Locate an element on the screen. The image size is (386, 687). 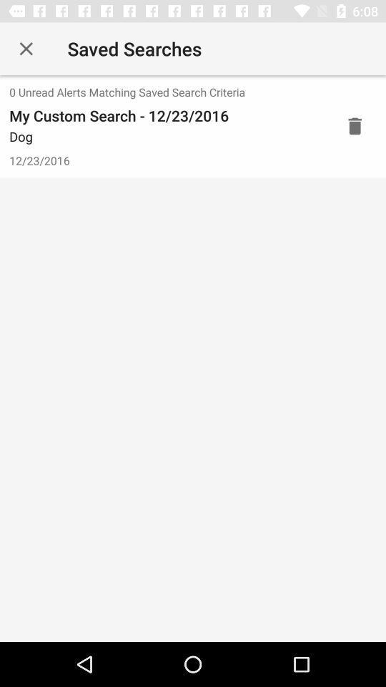
the item next to my custom search is located at coordinates (354, 125).